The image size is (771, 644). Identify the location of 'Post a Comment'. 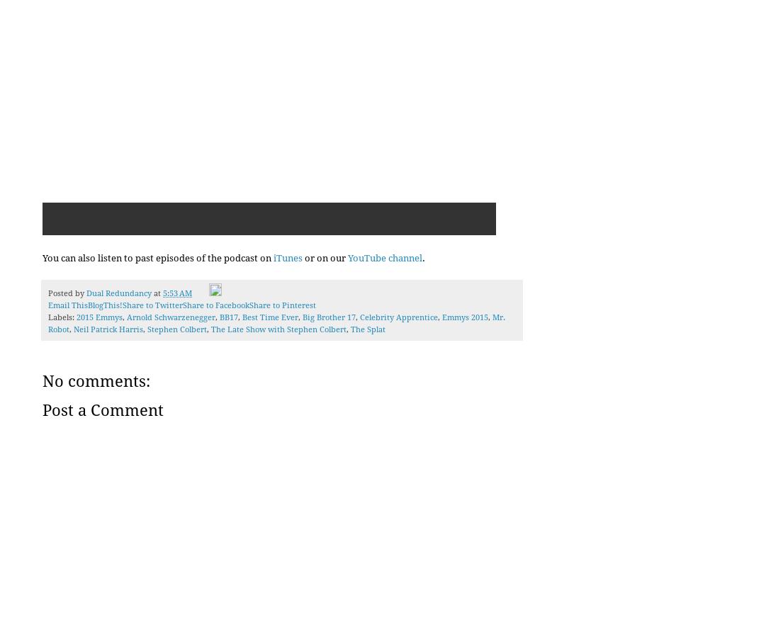
(102, 409).